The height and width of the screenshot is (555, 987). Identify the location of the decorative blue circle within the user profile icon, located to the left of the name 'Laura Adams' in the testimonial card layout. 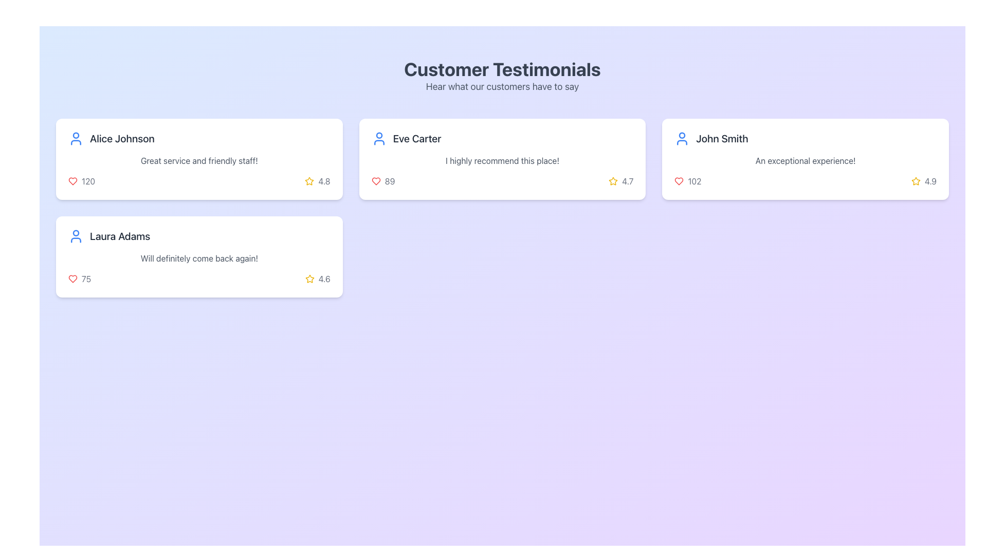
(76, 233).